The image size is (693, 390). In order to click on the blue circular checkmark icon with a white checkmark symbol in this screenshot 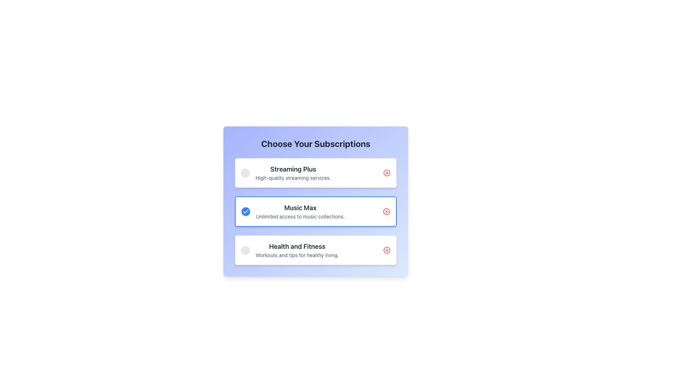, I will do `click(246, 211)`.